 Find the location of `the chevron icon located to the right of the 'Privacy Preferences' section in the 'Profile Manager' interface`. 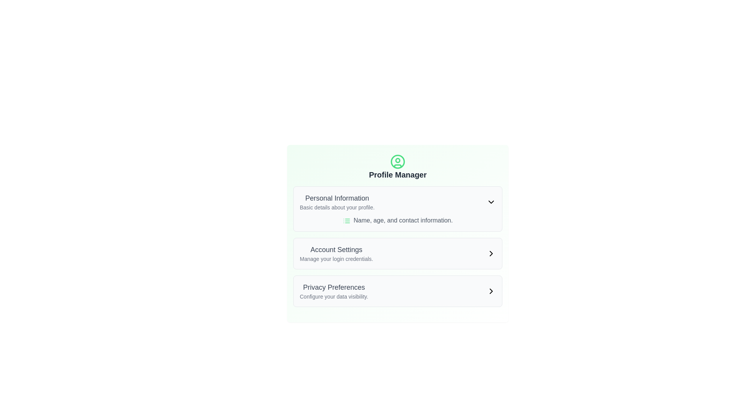

the chevron icon located to the right of the 'Privacy Preferences' section in the 'Profile Manager' interface is located at coordinates (490, 291).